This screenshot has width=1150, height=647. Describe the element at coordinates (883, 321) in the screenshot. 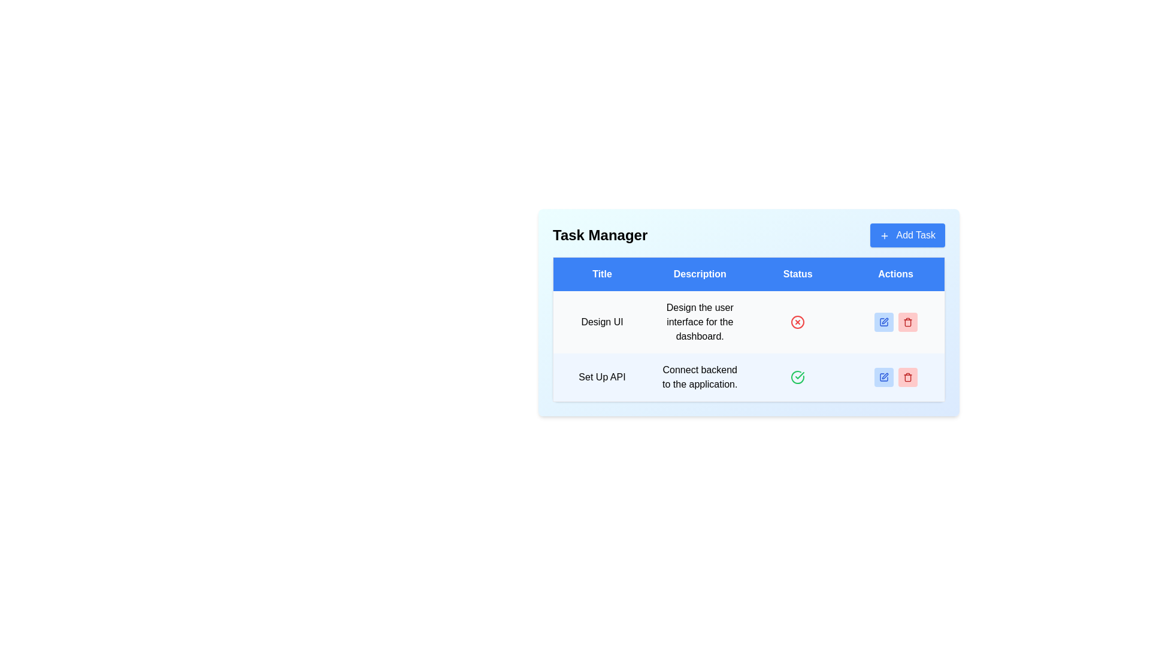

I see `the edit button located in the 'Actions' column of the first row in the table to initiate editing the corresponding task details` at that location.